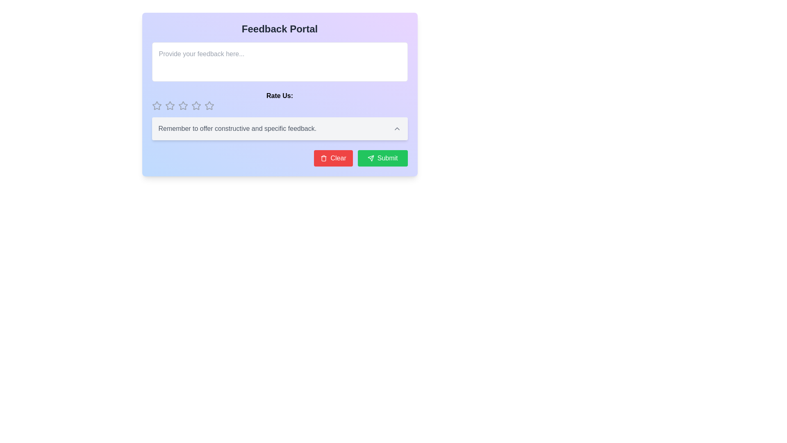 The width and height of the screenshot is (787, 443). What do you see at coordinates (333, 158) in the screenshot?
I see `the 'Clear' button, which is a rectangular button with a red background and white text, located in the bottom section of the feedback panel` at bounding box center [333, 158].